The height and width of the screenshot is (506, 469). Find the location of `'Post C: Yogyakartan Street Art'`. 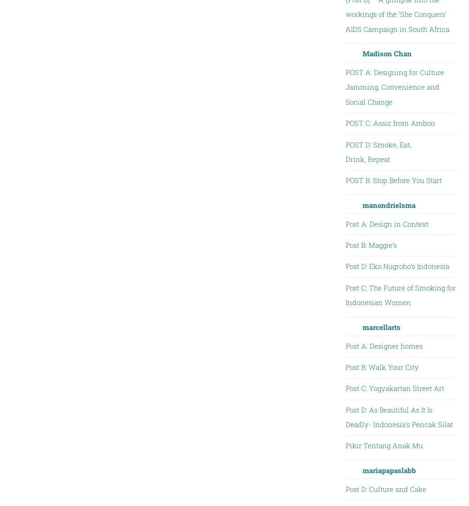

'Post C: Yogyakartan Street Art' is located at coordinates (394, 388).